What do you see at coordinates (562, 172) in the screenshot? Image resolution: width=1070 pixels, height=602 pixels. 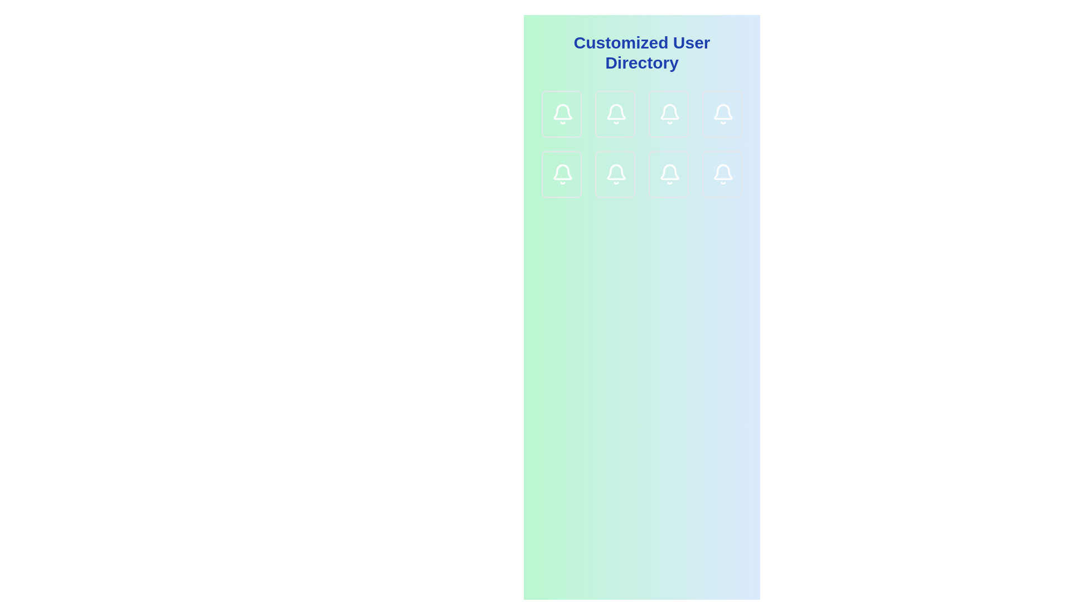 I see `the bell icon located in the second row and first column of the grid layout` at bounding box center [562, 172].